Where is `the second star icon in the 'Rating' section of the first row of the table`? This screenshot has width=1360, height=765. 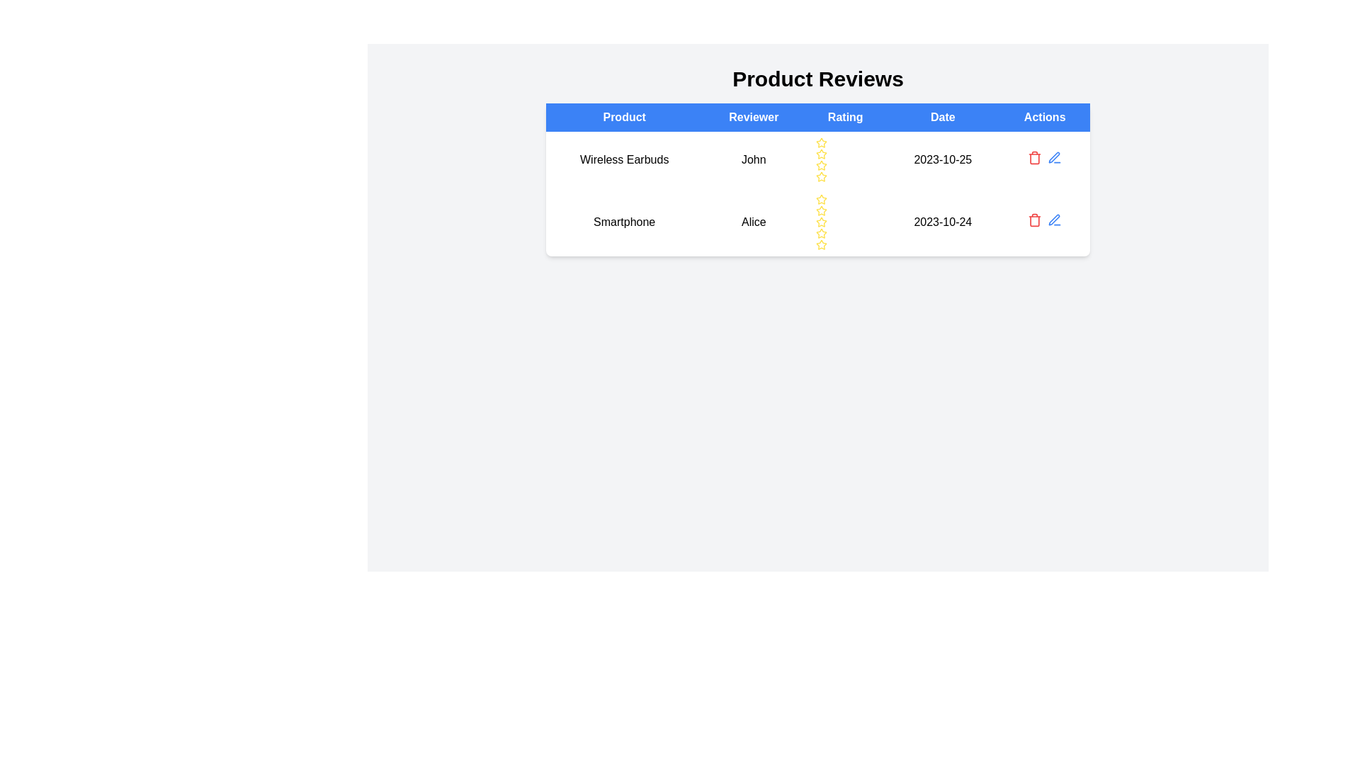
the second star icon in the 'Rating' section of the first row of the table is located at coordinates (822, 176).